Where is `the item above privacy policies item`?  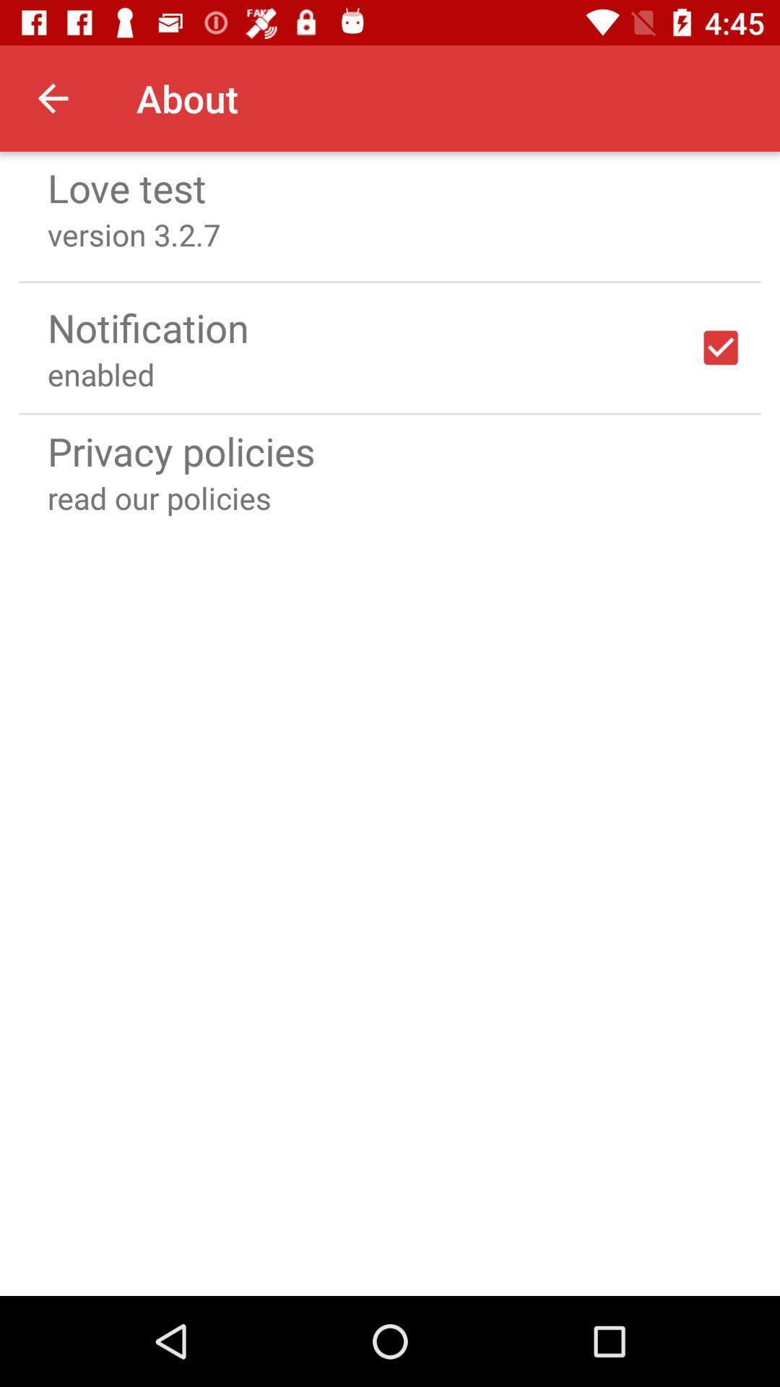
the item above privacy policies item is located at coordinates (390, 412).